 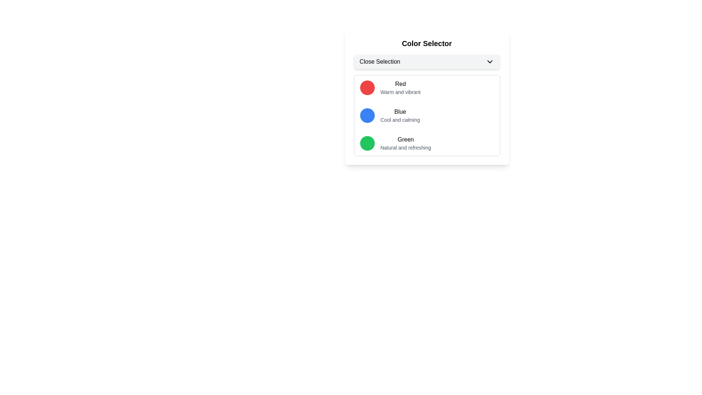 What do you see at coordinates (400, 91) in the screenshot?
I see `the text snippet reading 'Warm and vibrant', which is styled in gray and located below the label 'Red' in the color selection interface` at bounding box center [400, 91].